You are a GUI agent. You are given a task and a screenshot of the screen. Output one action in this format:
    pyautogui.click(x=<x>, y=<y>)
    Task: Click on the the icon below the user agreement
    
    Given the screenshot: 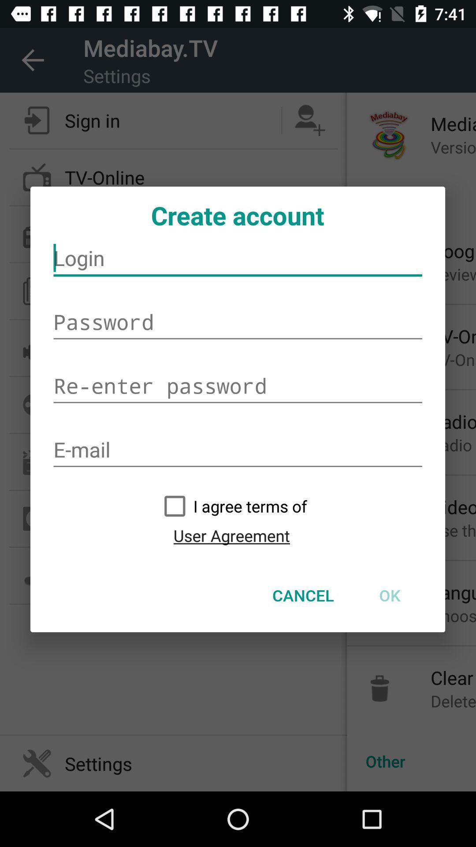 What is the action you would take?
    pyautogui.click(x=303, y=595)
    